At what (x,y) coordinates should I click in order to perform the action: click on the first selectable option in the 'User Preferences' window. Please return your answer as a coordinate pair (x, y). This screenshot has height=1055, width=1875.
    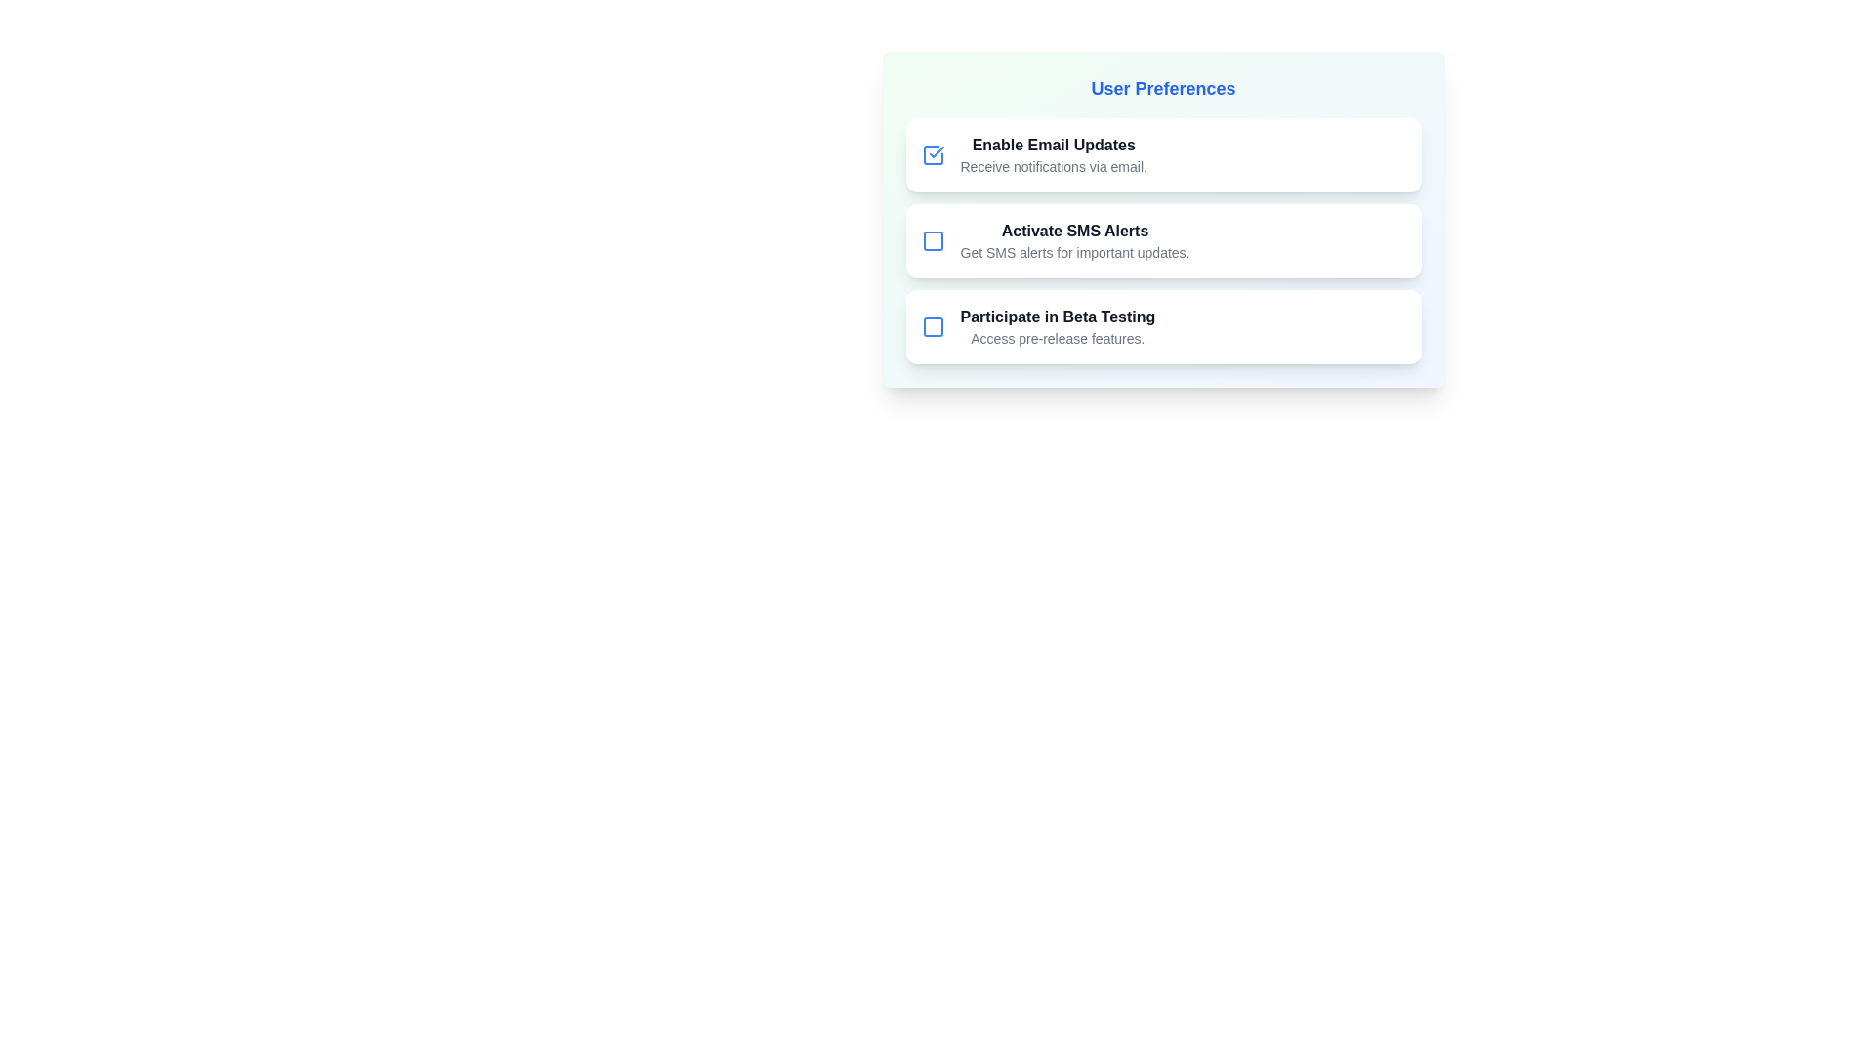
    Looking at the image, I should click on (1163, 153).